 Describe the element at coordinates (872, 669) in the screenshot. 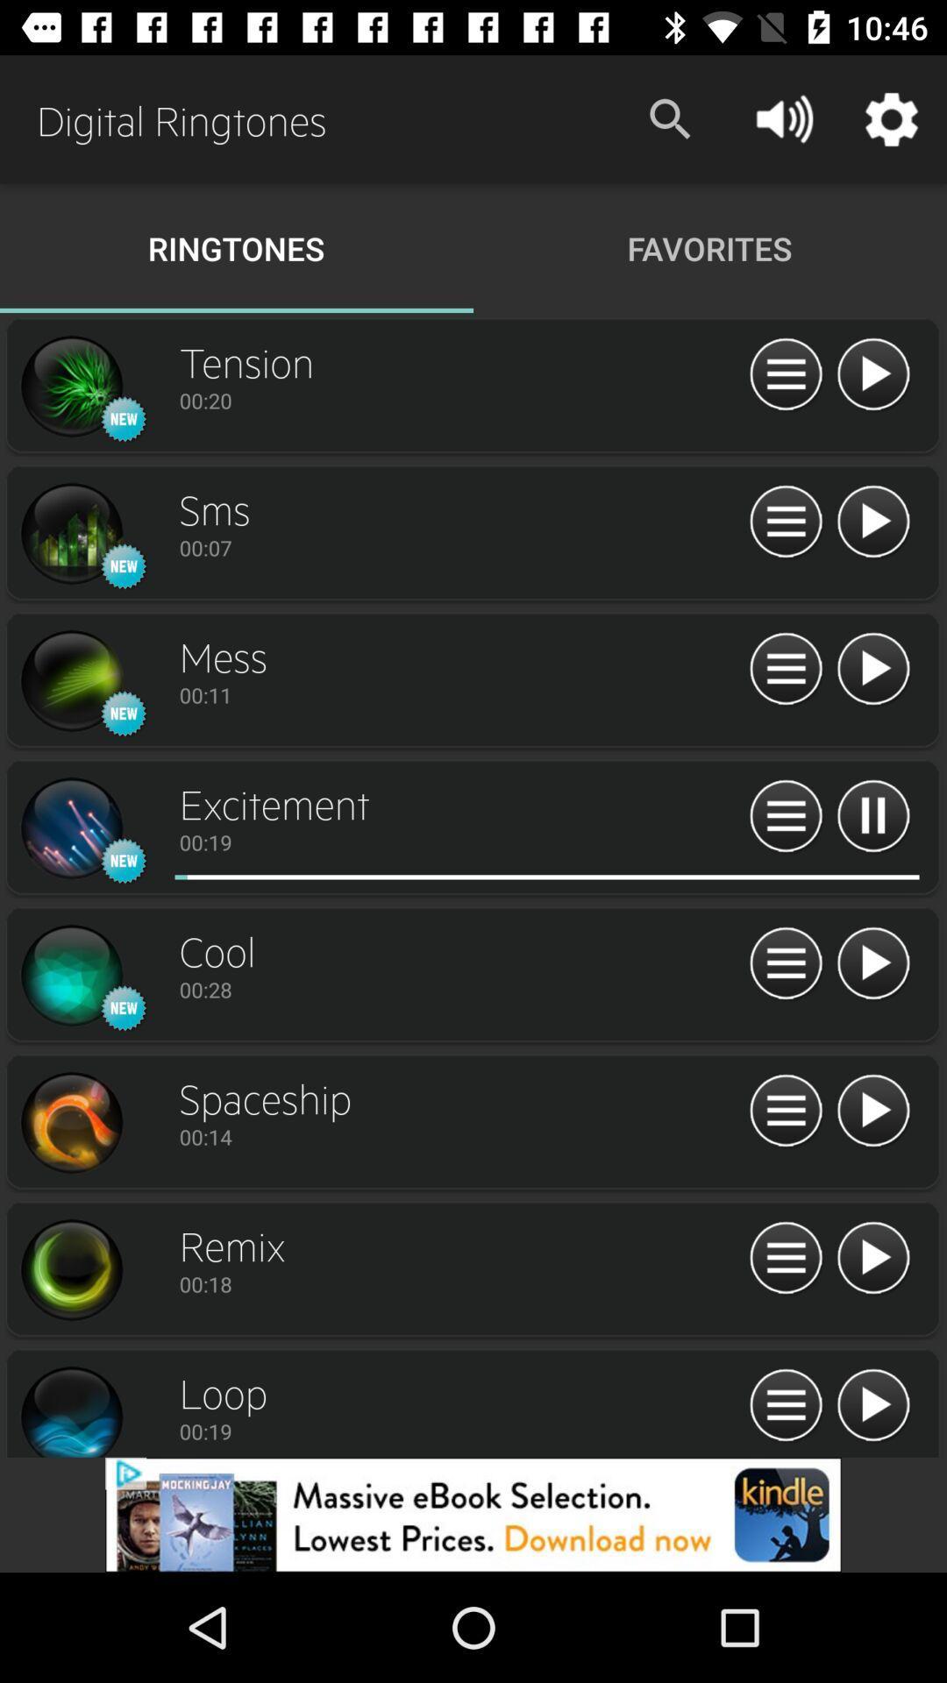

I see `option` at that location.